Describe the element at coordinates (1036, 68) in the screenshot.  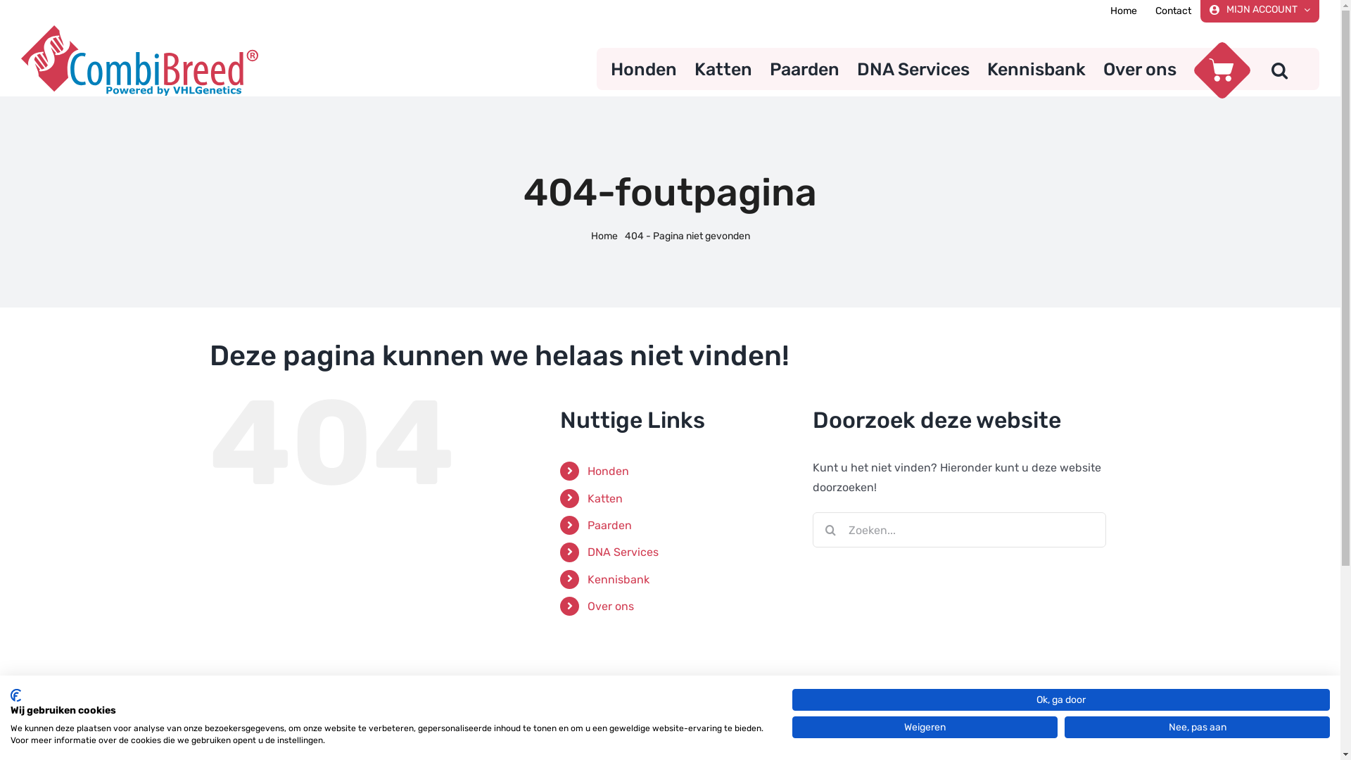
I see `'Kennisbank'` at that location.